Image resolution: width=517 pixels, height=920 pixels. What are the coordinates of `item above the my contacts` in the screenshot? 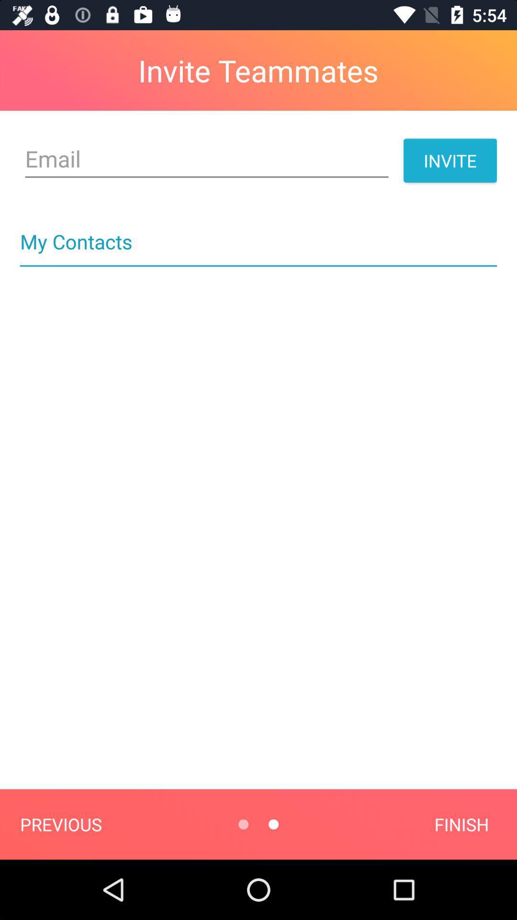 It's located at (206, 159).